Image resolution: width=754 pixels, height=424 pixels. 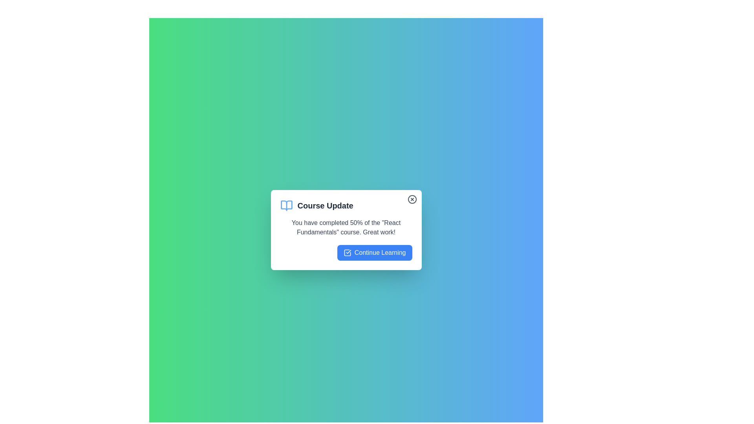 I want to click on the circular icon within the alert box located at the top-right corner of the box, which has a white center outlined in black, so click(x=412, y=199).